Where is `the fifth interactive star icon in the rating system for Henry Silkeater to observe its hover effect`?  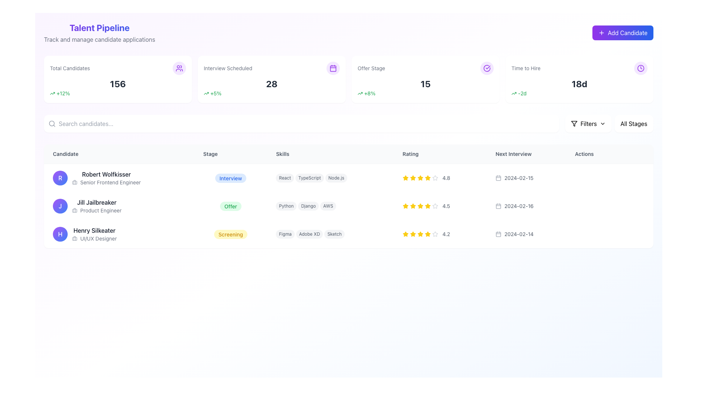 the fifth interactive star icon in the rating system for Henry Silkeater to observe its hover effect is located at coordinates (427, 234).